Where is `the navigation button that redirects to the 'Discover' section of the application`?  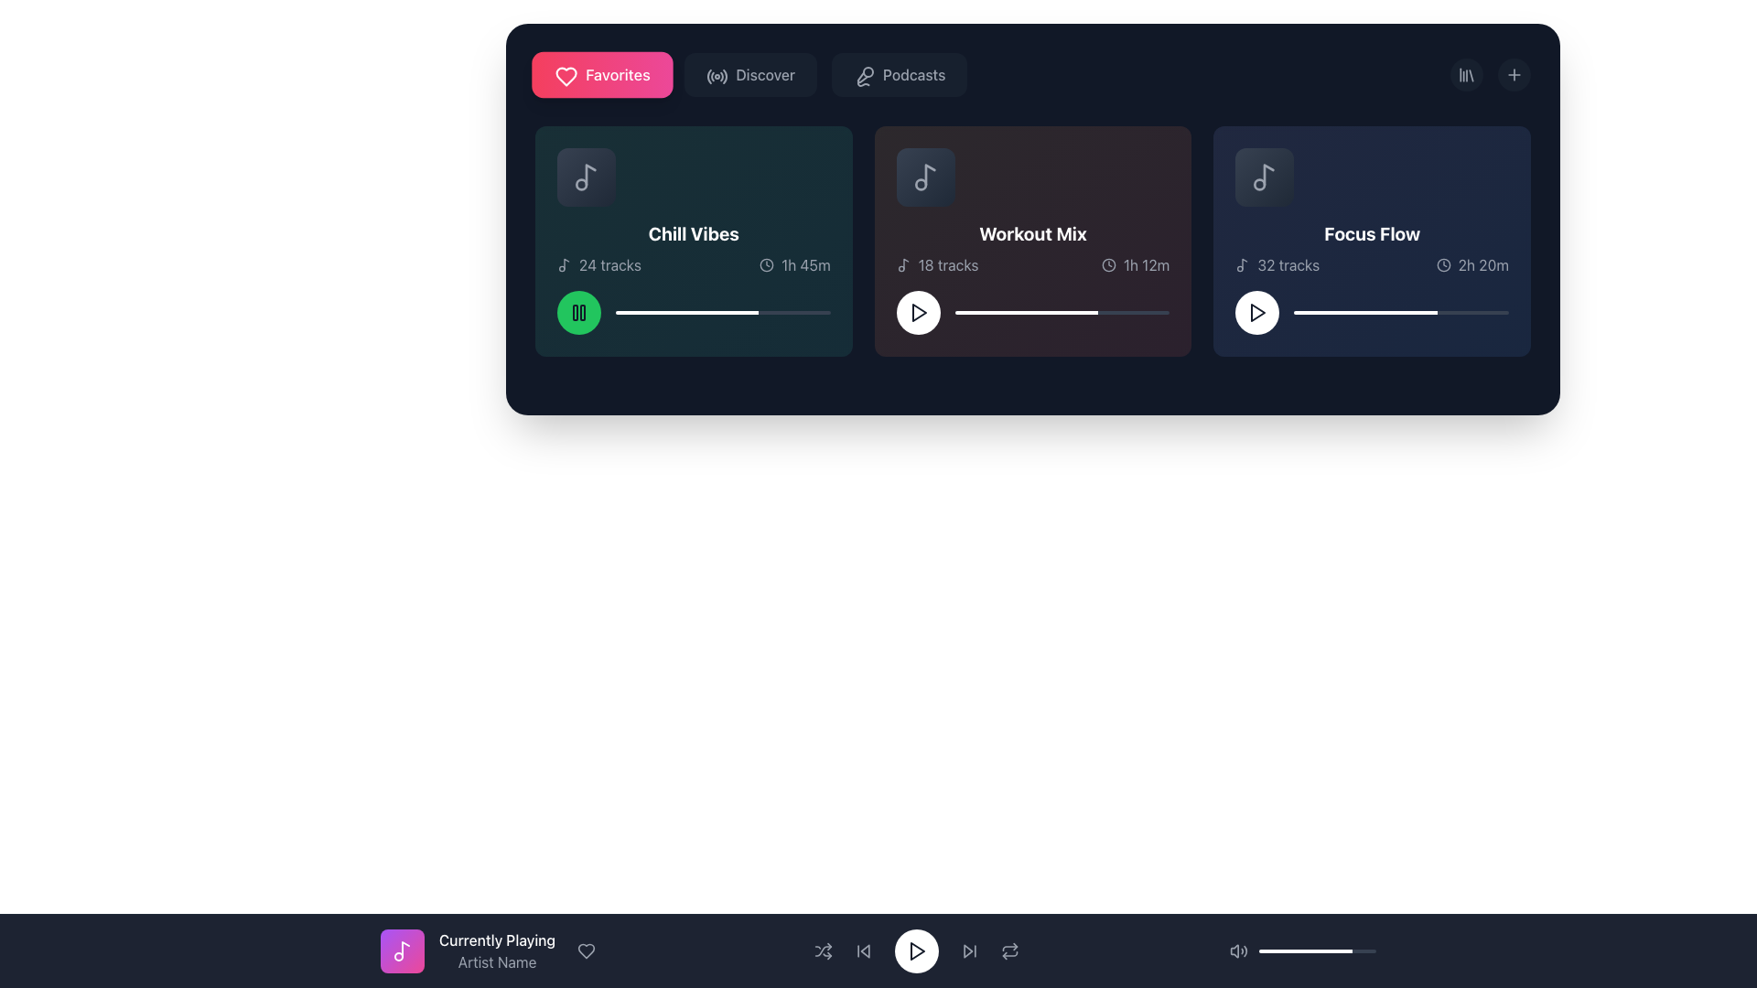 the navigation button that redirects to the 'Discover' section of the application is located at coordinates (750, 73).